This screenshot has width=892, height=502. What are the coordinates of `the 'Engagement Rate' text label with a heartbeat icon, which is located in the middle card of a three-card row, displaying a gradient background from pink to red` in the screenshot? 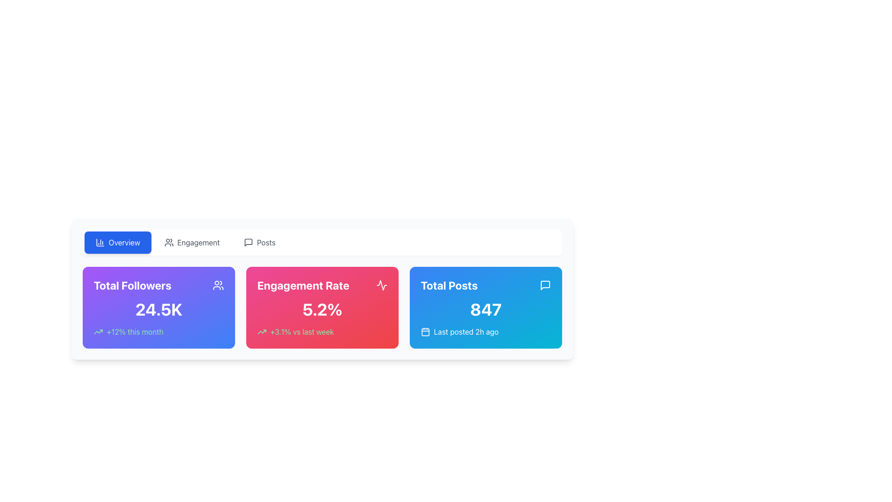 It's located at (322, 284).